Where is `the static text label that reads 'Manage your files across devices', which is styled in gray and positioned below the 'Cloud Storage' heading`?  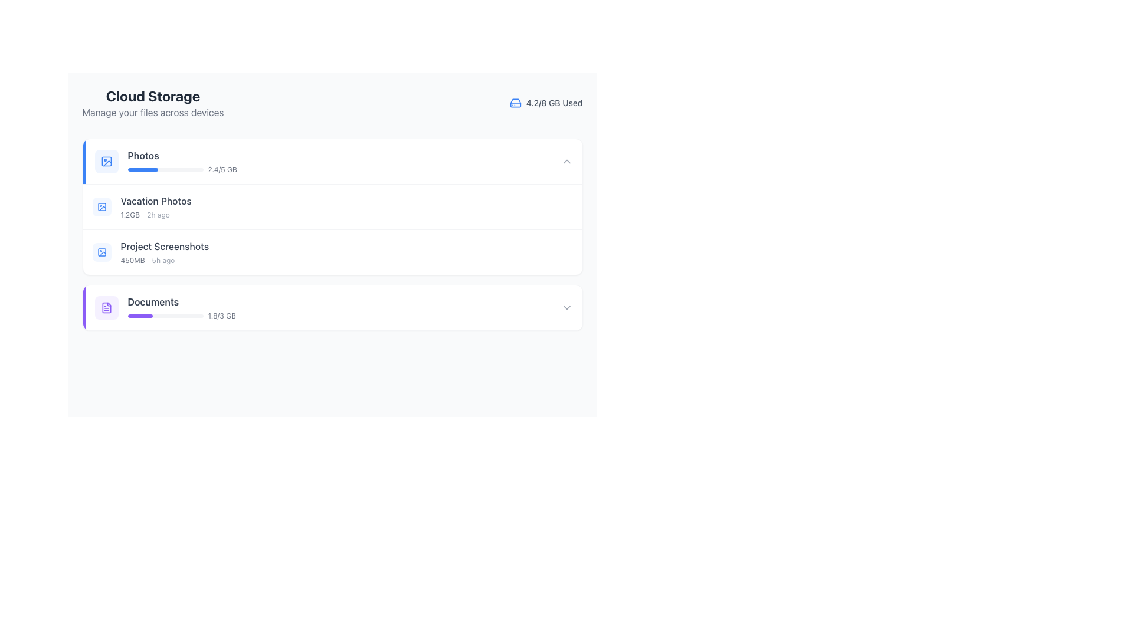
the static text label that reads 'Manage your files across devices', which is styled in gray and positioned below the 'Cloud Storage' heading is located at coordinates (152, 113).